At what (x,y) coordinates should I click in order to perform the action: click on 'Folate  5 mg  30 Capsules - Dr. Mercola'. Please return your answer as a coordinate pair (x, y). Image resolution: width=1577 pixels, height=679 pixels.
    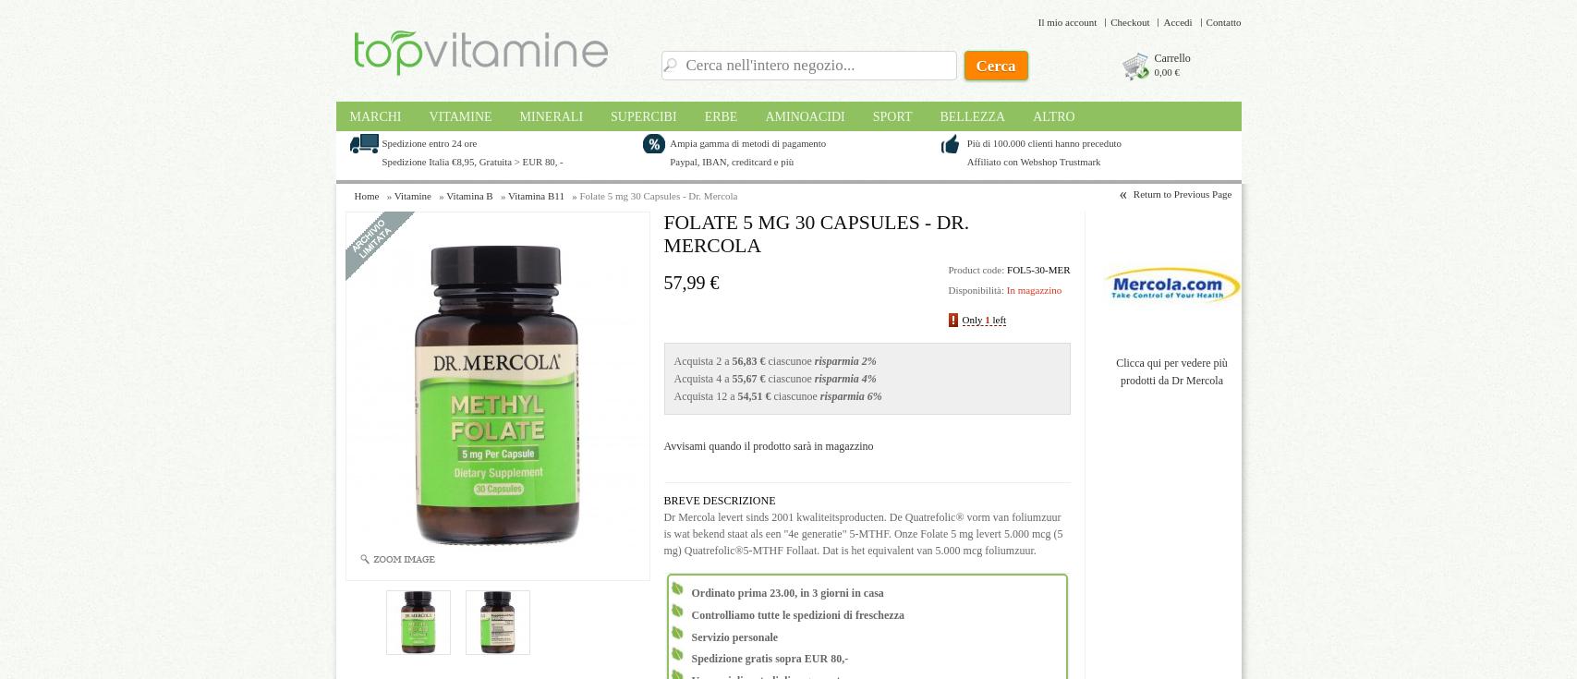
    Looking at the image, I should click on (658, 194).